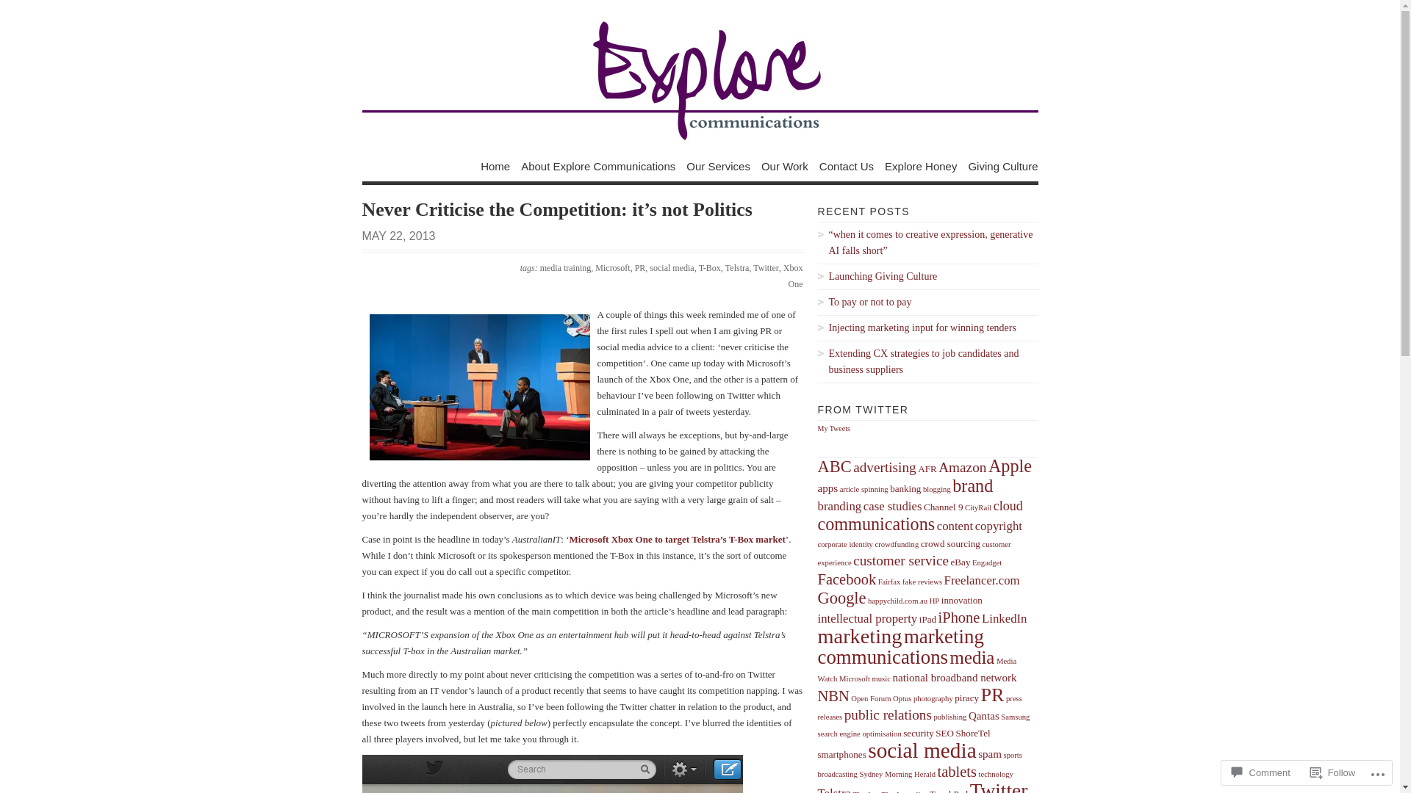 The width and height of the screenshot is (1411, 793). Describe the element at coordinates (919, 619) in the screenshot. I see `'iPad'` at that location.